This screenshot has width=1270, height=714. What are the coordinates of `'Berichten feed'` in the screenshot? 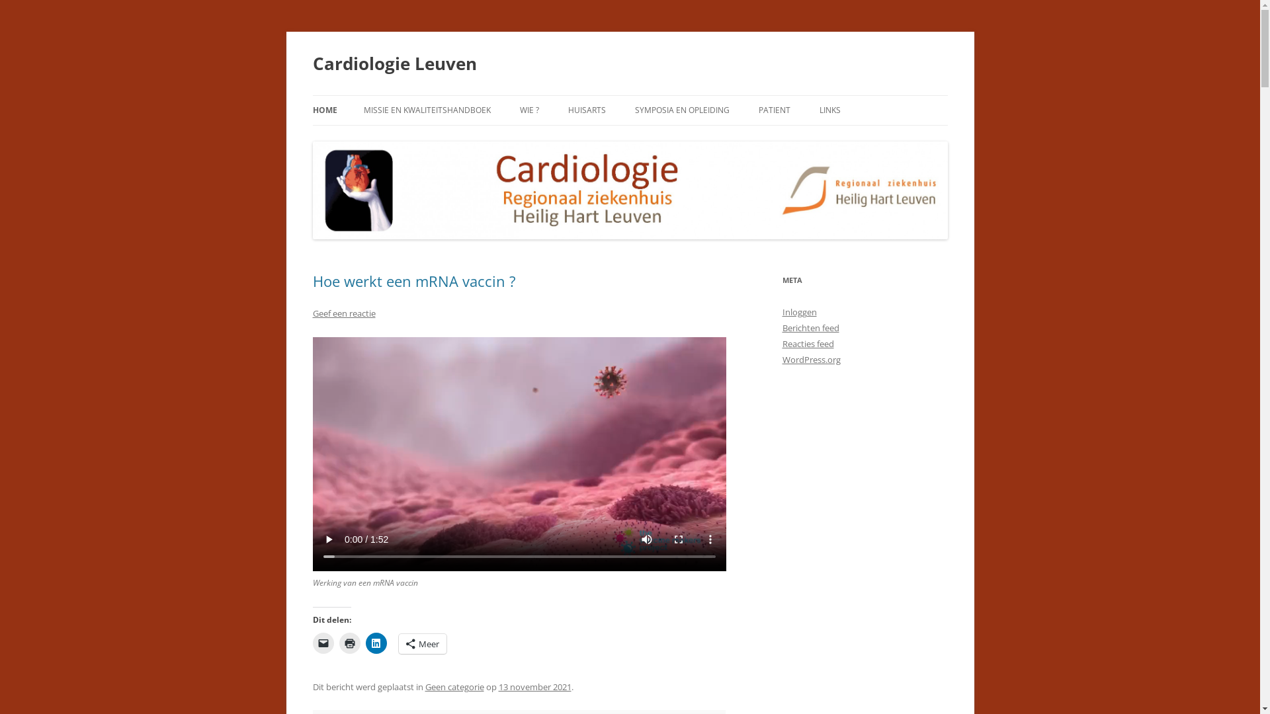 It's located at (809, 327).